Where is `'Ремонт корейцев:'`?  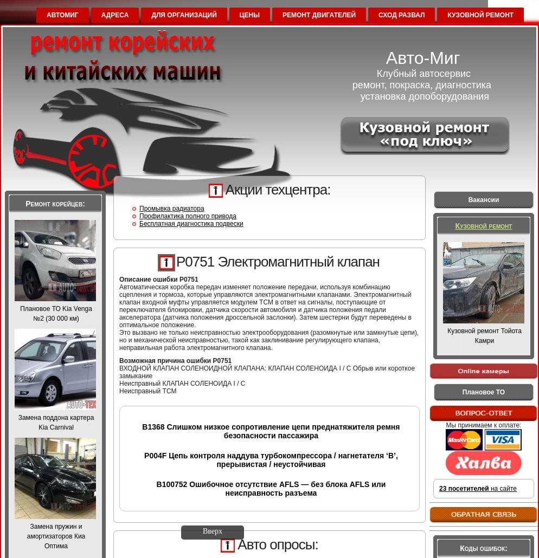 'Ремонт корейцев:' is located at coordinates (25, 203).